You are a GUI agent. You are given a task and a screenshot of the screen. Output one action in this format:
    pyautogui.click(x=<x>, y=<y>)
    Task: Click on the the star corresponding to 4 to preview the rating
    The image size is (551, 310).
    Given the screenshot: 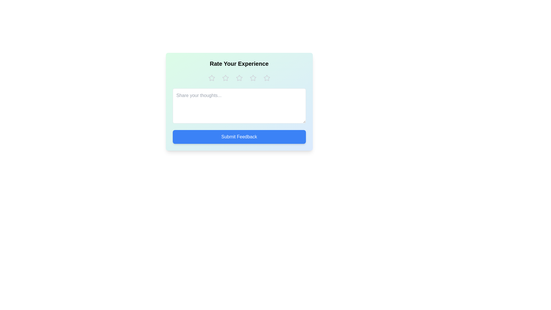 What is the action you would take?
    pyautogui.click(x=253, y=78)
    